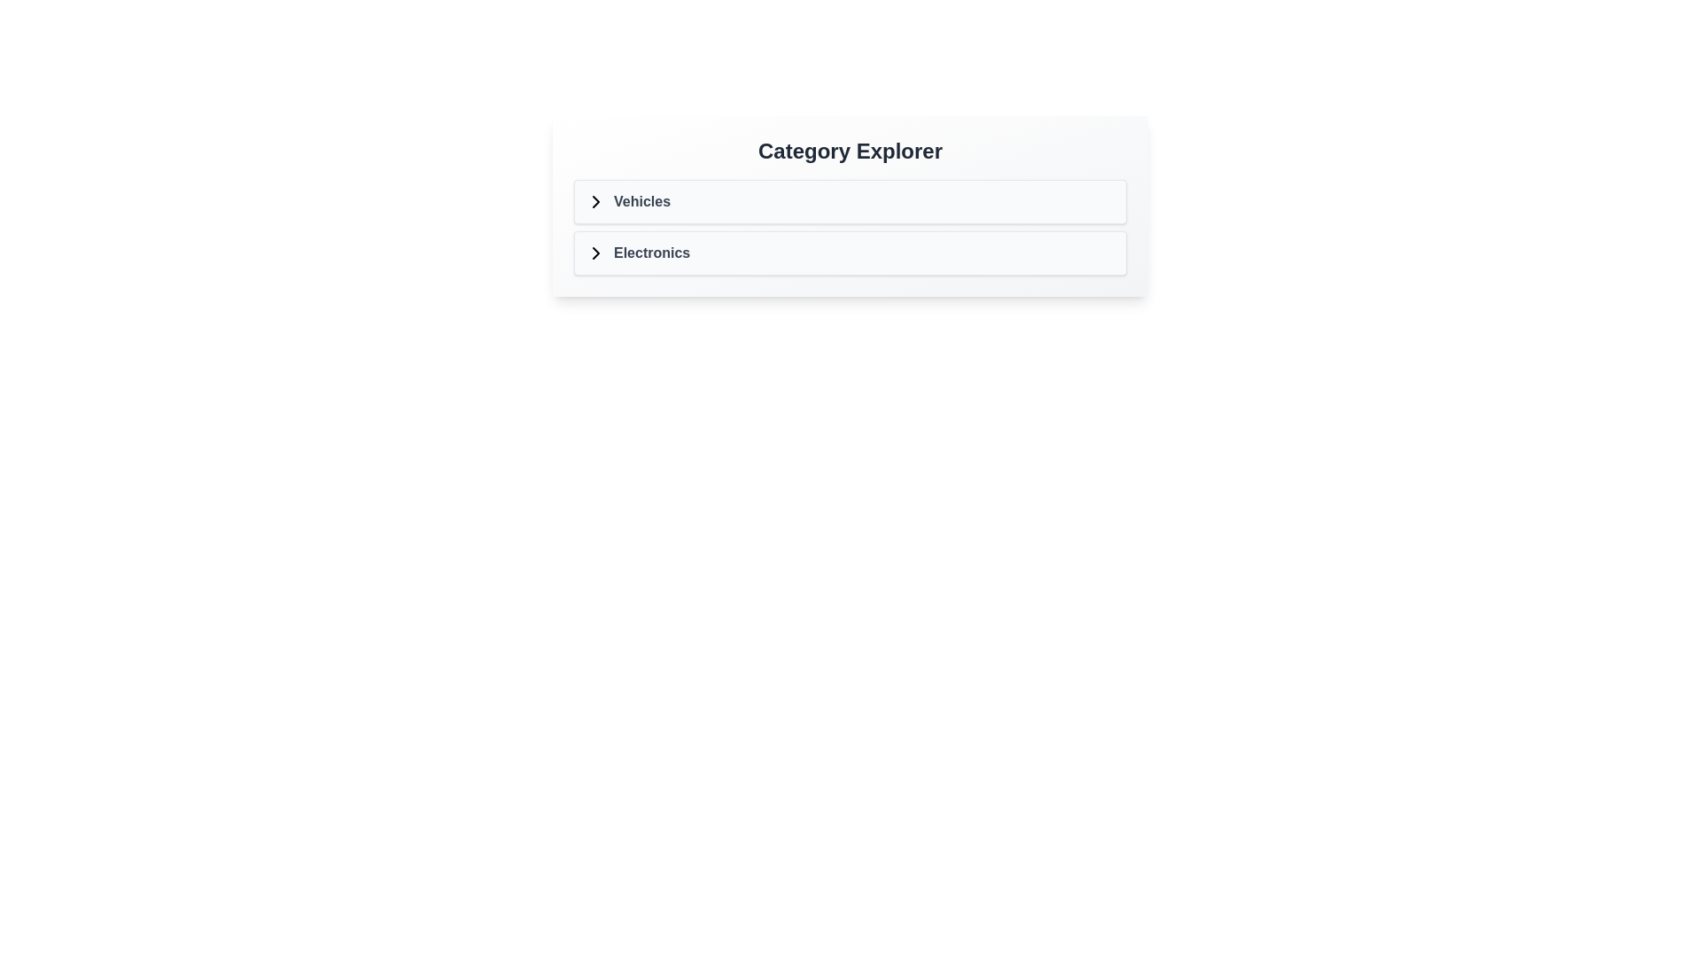 The height and width of the screenshot is (957, 1701). I want to click on the text label indicating the electronics category, which is located in the second row of the category list and positioned to the right of a chevron icon, so click(651, 253).